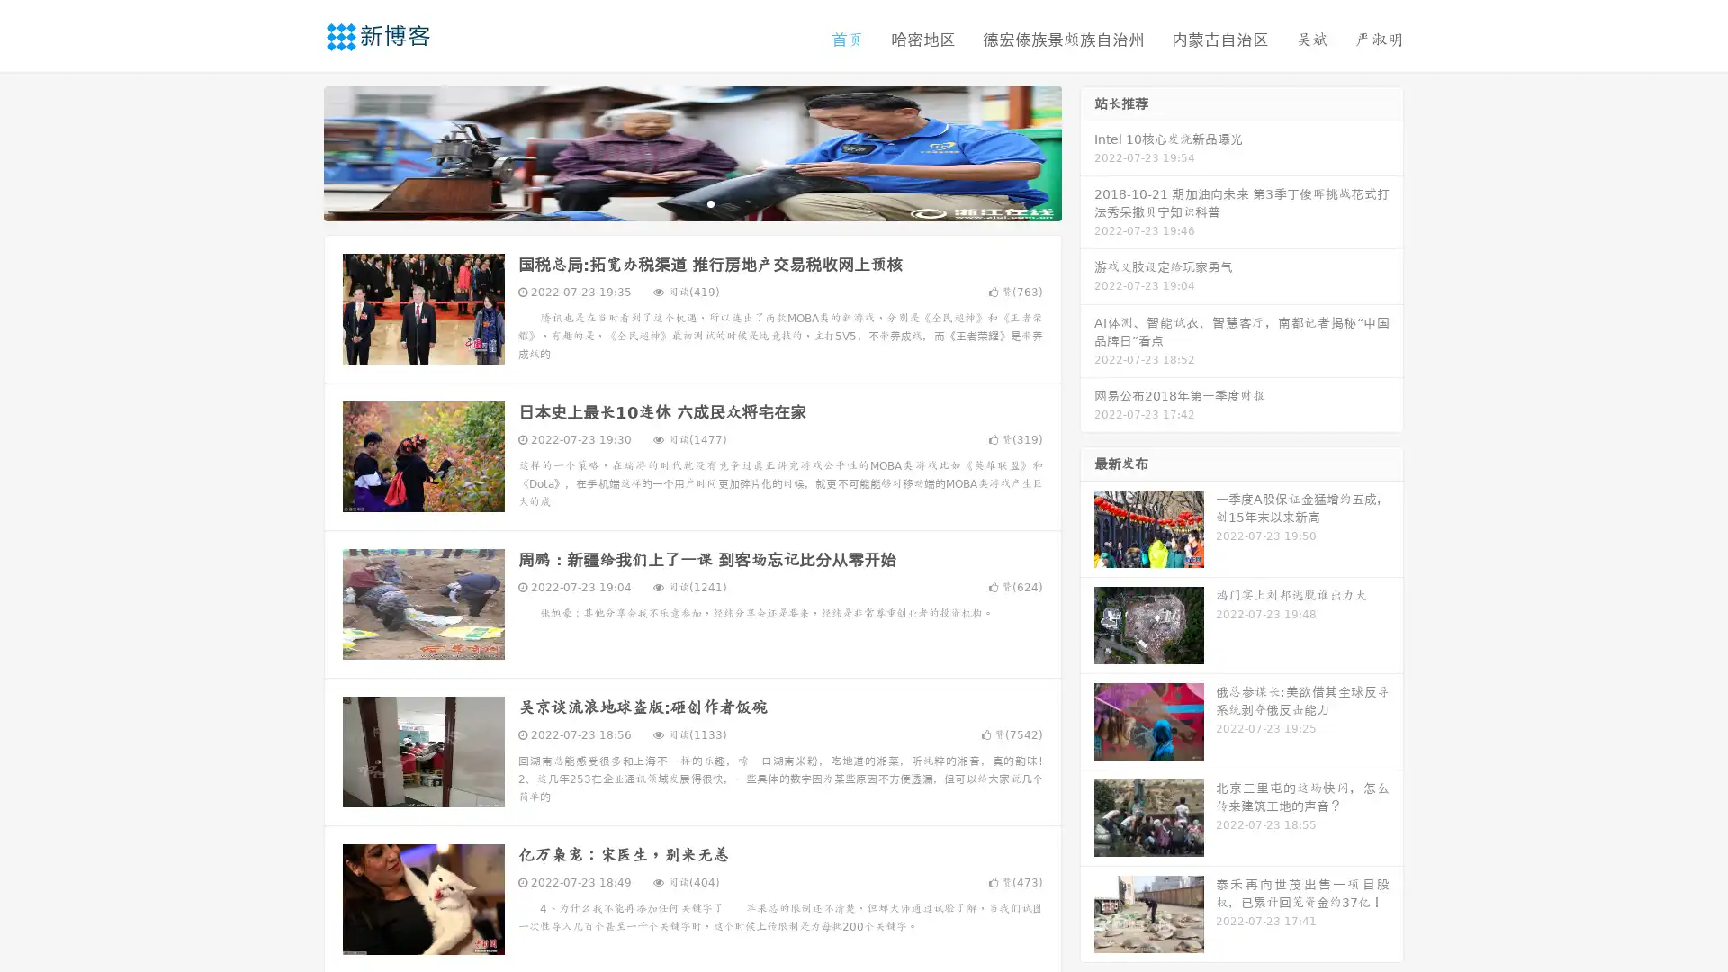 This screenshot has width=1728, height=972. I want to click on Previous slide, so click(297, 151).